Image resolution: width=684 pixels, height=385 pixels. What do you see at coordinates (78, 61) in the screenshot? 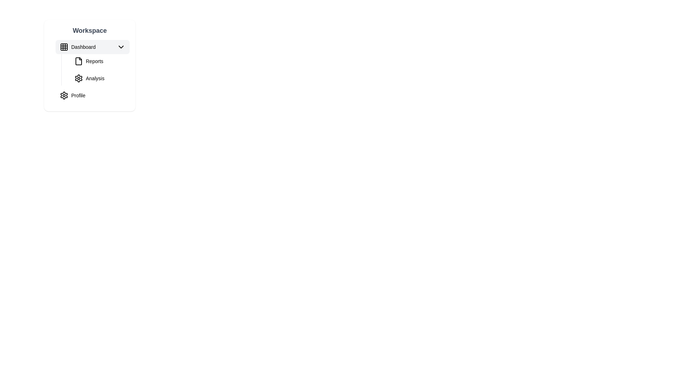
I see `the small file icon styled with a simple outline and a document-like shape, located to the left of the text 'Reports' in the sidebar` at bounding box center [78, 61].